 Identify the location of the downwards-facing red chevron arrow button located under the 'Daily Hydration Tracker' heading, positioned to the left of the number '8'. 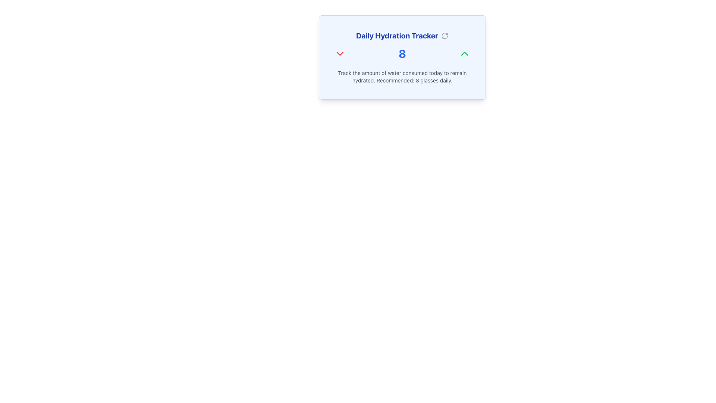
(340, 53).